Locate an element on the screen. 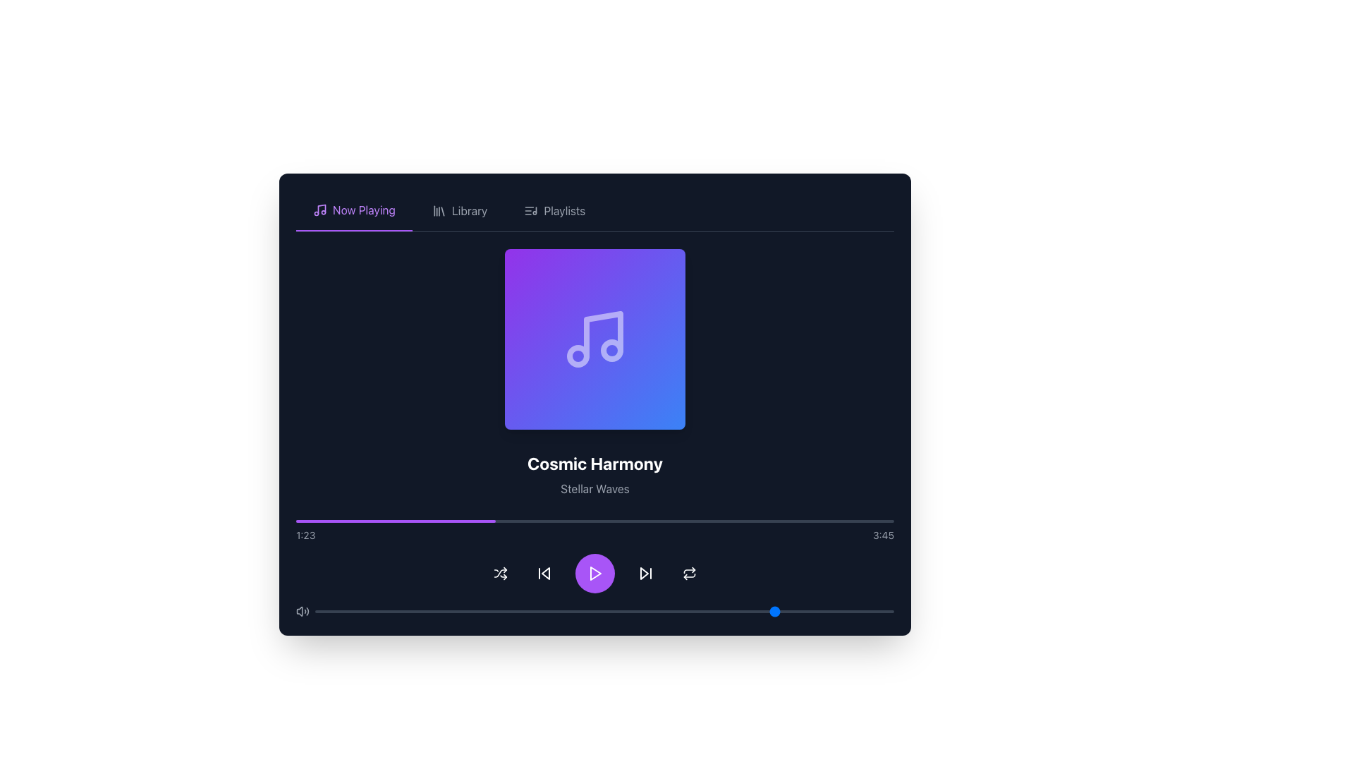 The height and width of the screenshot is (762, 1354). the slider is located at coordinates (355, 611).